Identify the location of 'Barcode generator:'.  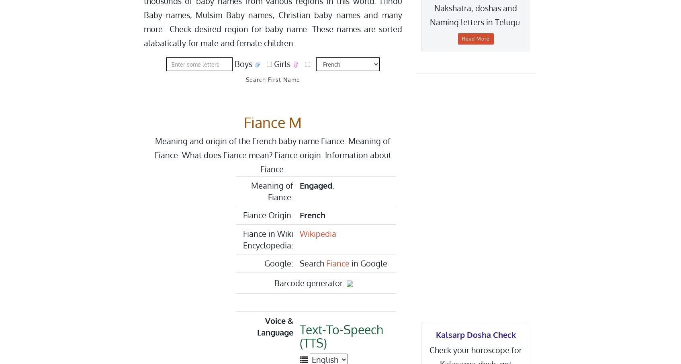
(310, 283).